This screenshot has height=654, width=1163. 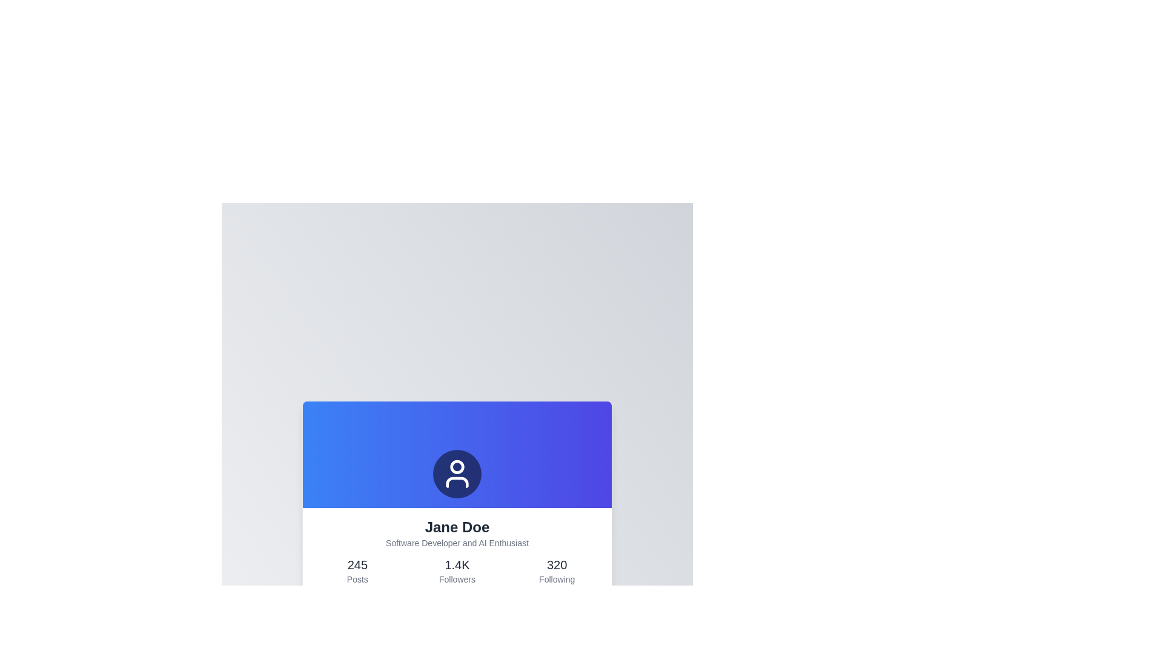 I want to click on the graphical element representing the head or face of the user icon, located at the top central region of the icon in the blue header area, so click(x=456, y=466).